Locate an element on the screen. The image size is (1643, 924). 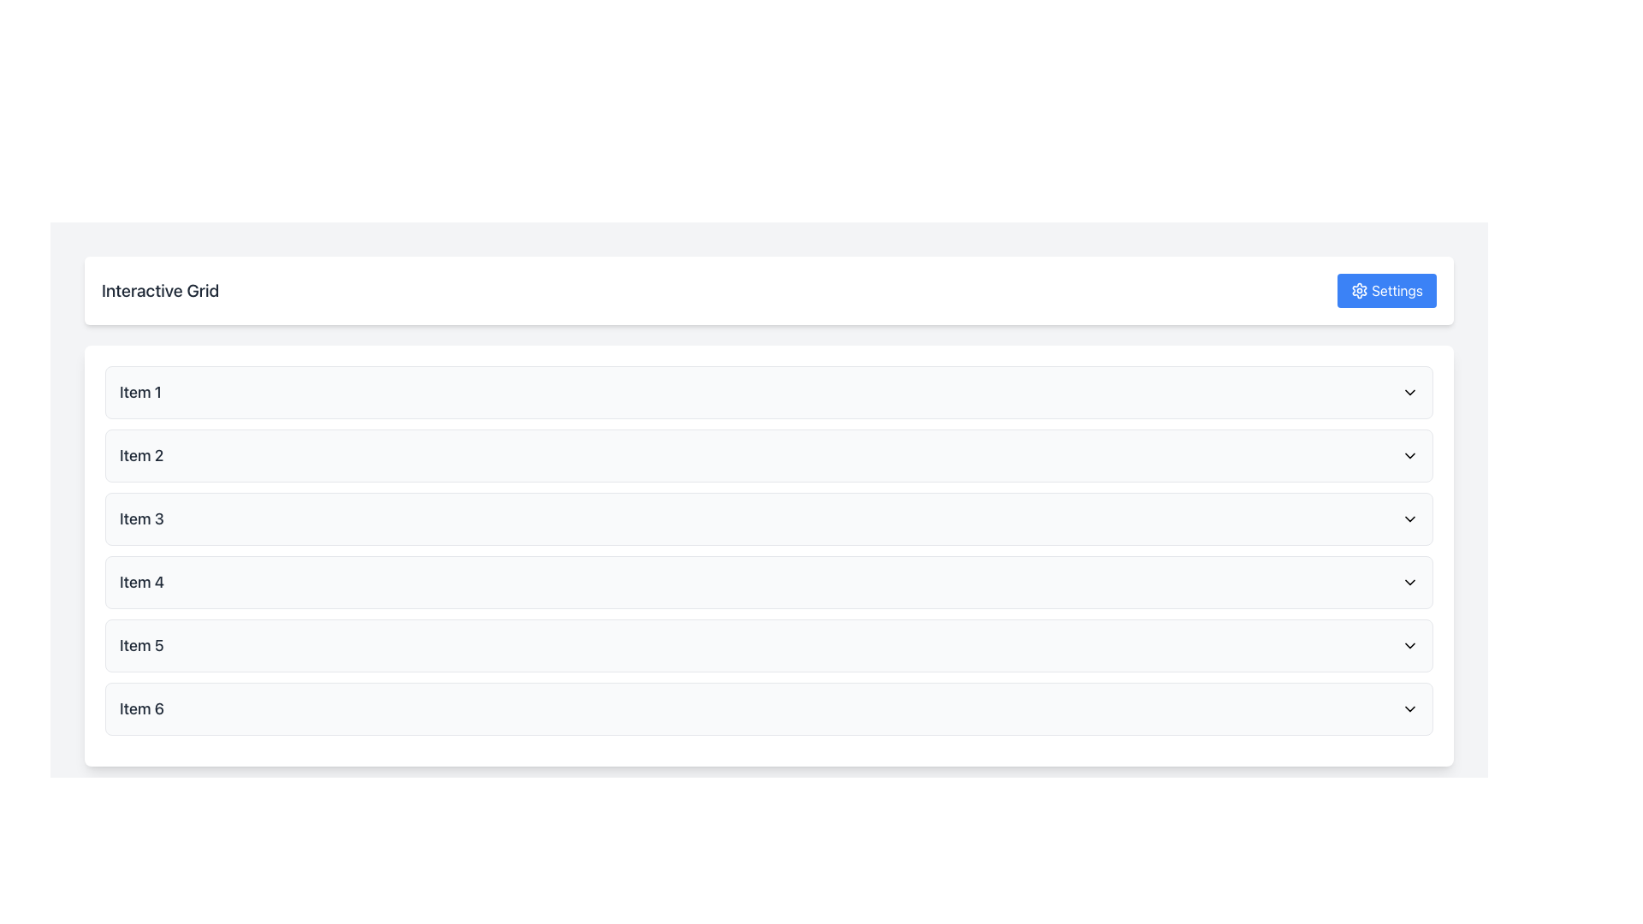
the second item is located at coordinates (768, 454).